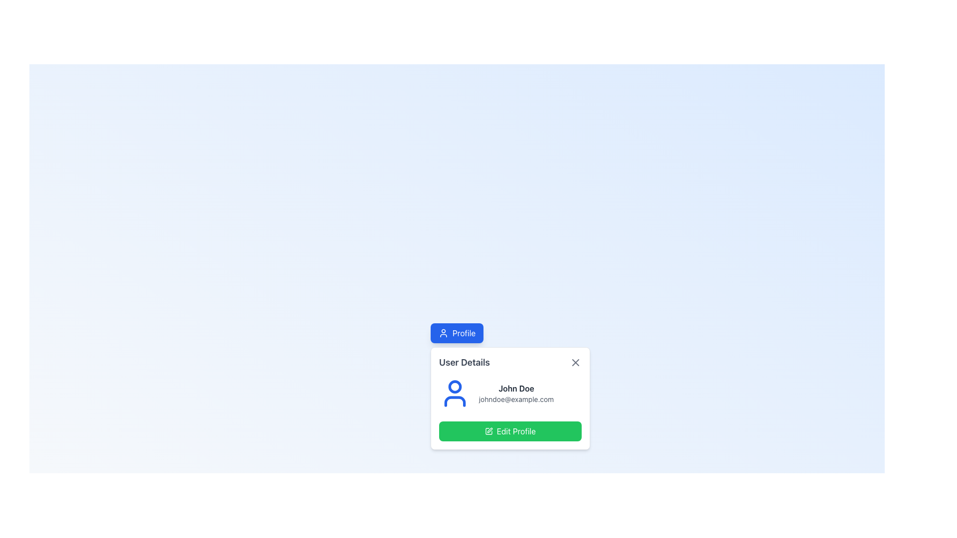 This screenshot has height=538, width=957. What do you see at coordinates (516, 399) in the screenshot?
I see `the text label displaying 'johndoe@example.com', which is located below the 'John Doe' text in the profile information card` at bounding box center [516, 399].